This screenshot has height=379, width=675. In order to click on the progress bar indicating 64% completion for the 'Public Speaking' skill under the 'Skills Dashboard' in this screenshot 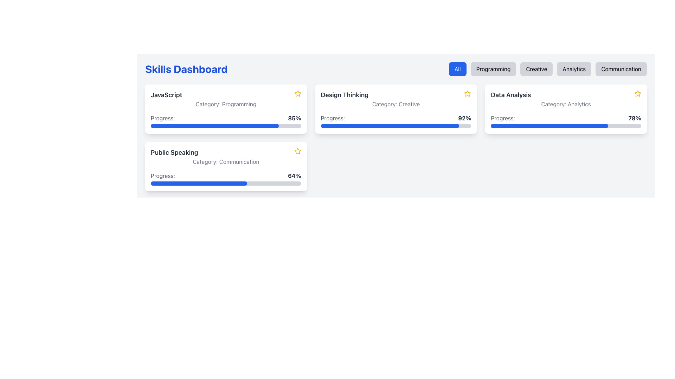, I will do `click(226, 178)`.